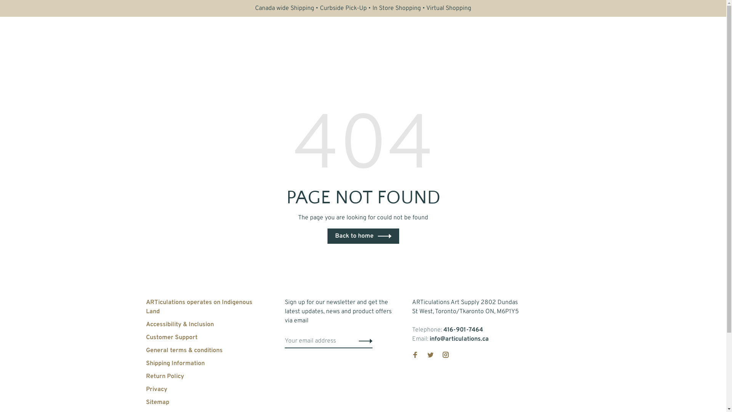  Describe the element at coordinates (184, 350) in the screenshot. I see `'General terms & conditions'` at that location.